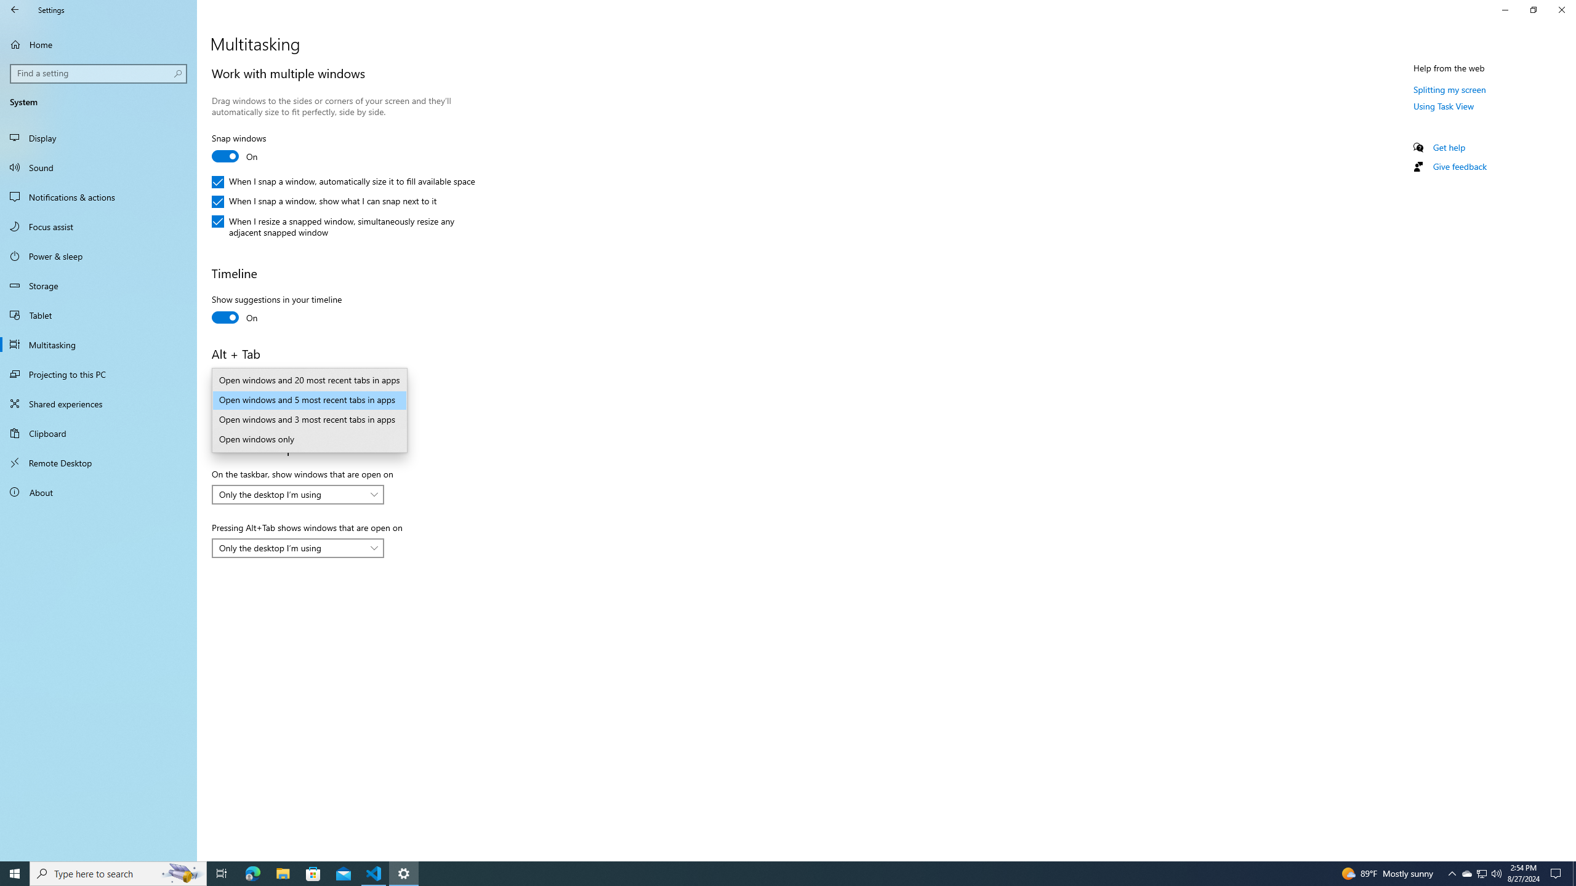 The height and width of the screenshot is (886, 1576). What do you see at coordinates (1504, 9) in the screenshot?
I see `'Minimize Settings'` at bounding box center [1504, 9].